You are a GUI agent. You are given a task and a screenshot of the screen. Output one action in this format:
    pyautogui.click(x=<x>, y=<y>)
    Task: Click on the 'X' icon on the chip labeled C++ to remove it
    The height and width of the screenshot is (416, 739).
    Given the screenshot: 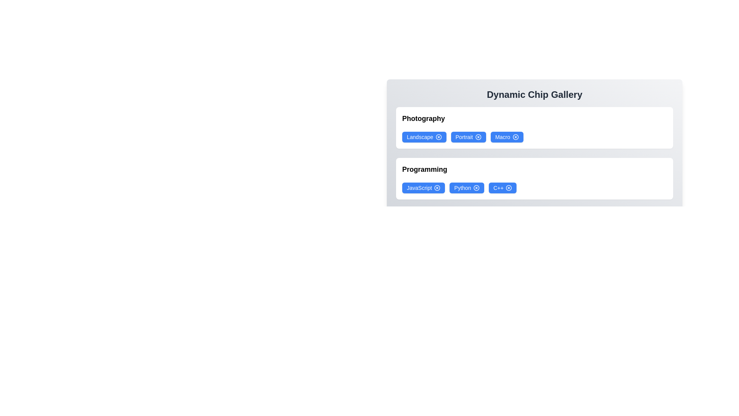 What is the action you would take?
    pyautogui.click(x=509, y=188)
    